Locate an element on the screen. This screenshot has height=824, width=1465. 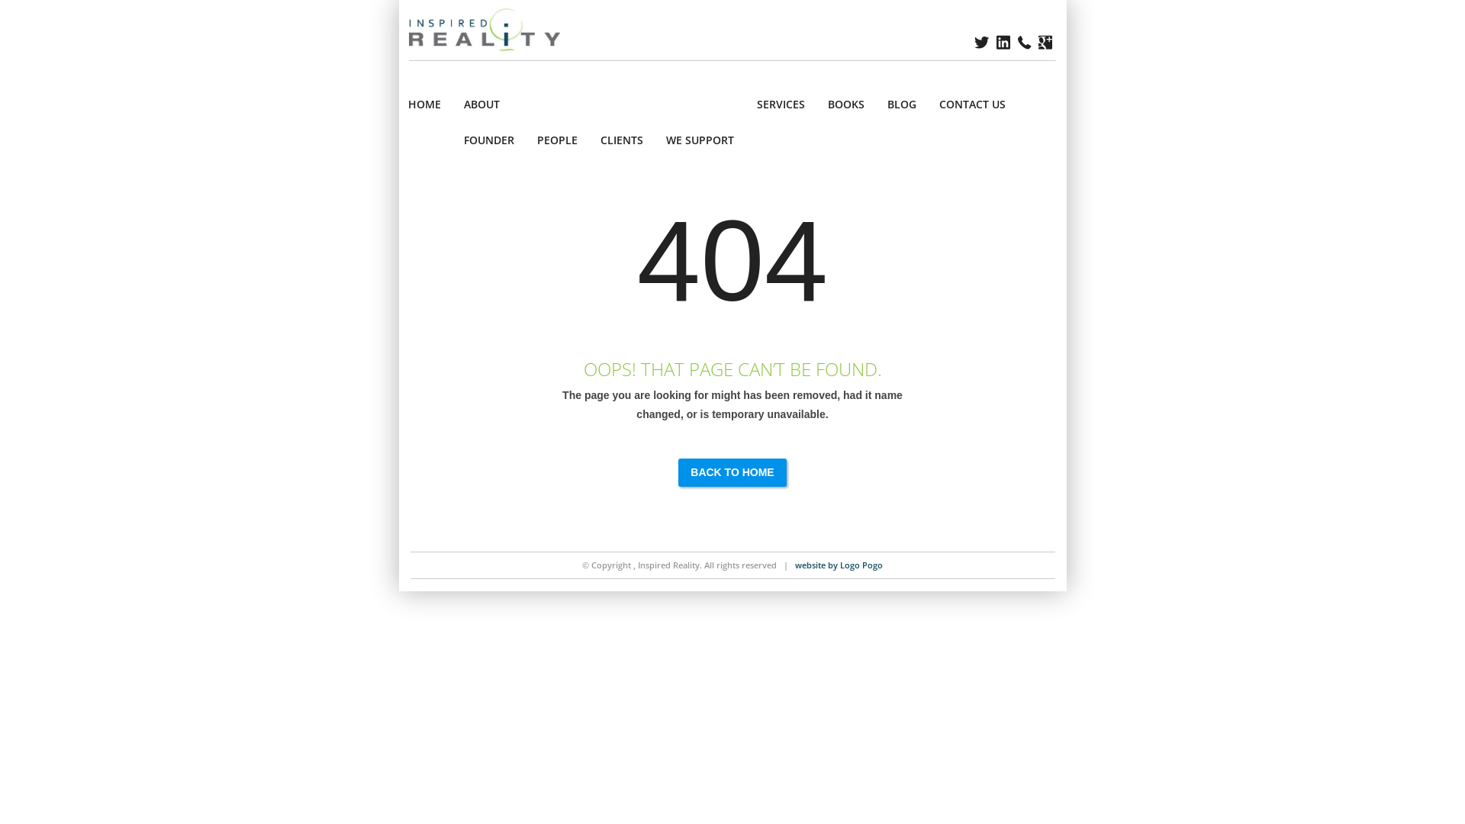
'GOOGLE+' is located at coordinates (1044, 42).